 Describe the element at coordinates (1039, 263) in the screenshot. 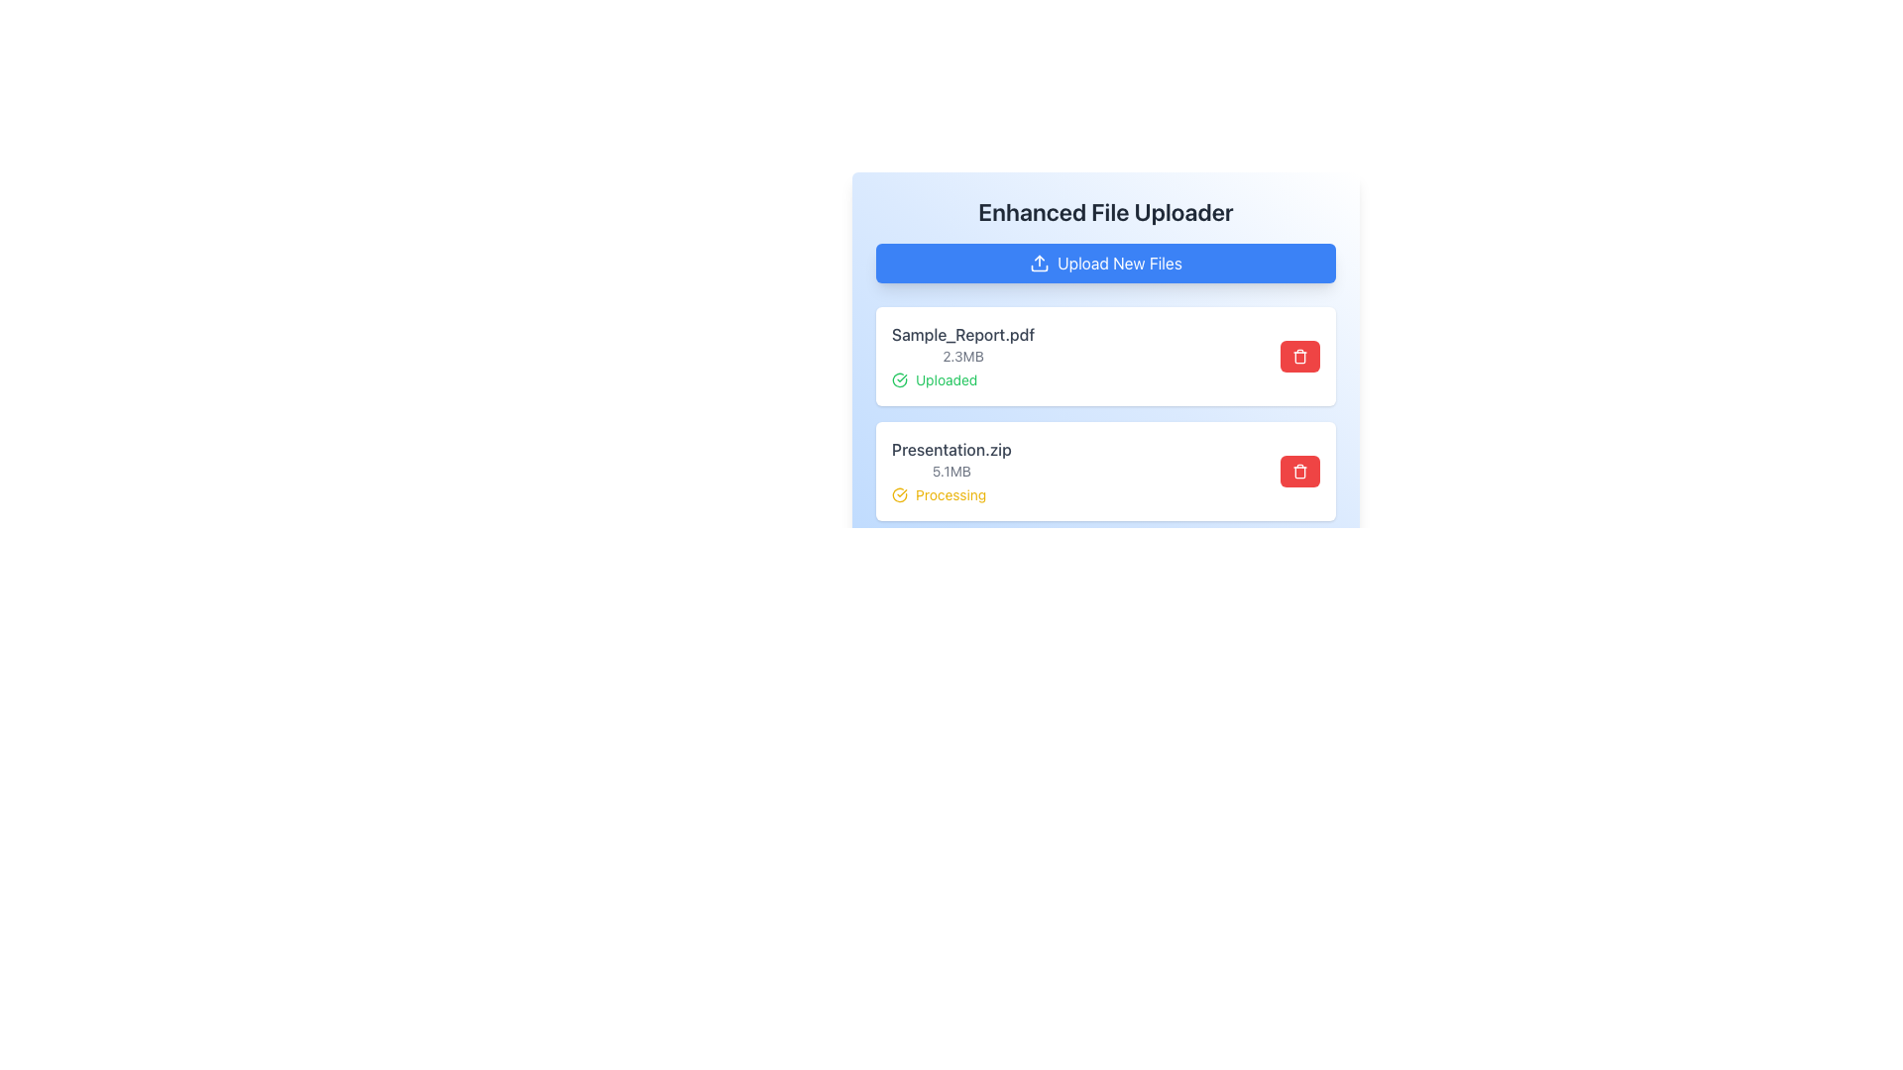

I see `the blue icon indicating the action of uploading files, located to the left of the 'Upload New Files' button` at that location.